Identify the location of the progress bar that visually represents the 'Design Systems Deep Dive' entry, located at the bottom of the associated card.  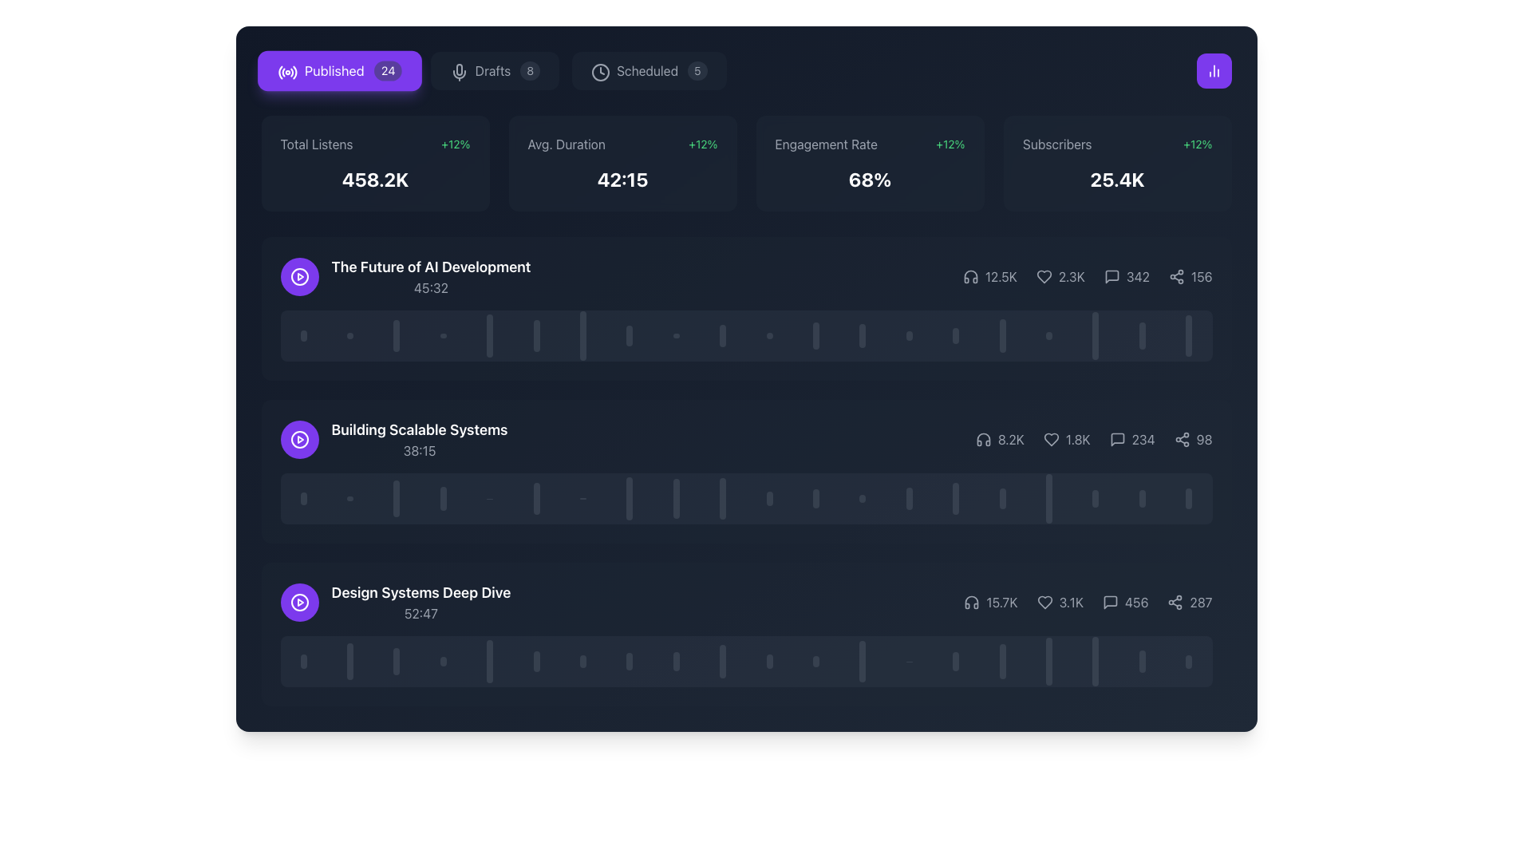
(745, 662).